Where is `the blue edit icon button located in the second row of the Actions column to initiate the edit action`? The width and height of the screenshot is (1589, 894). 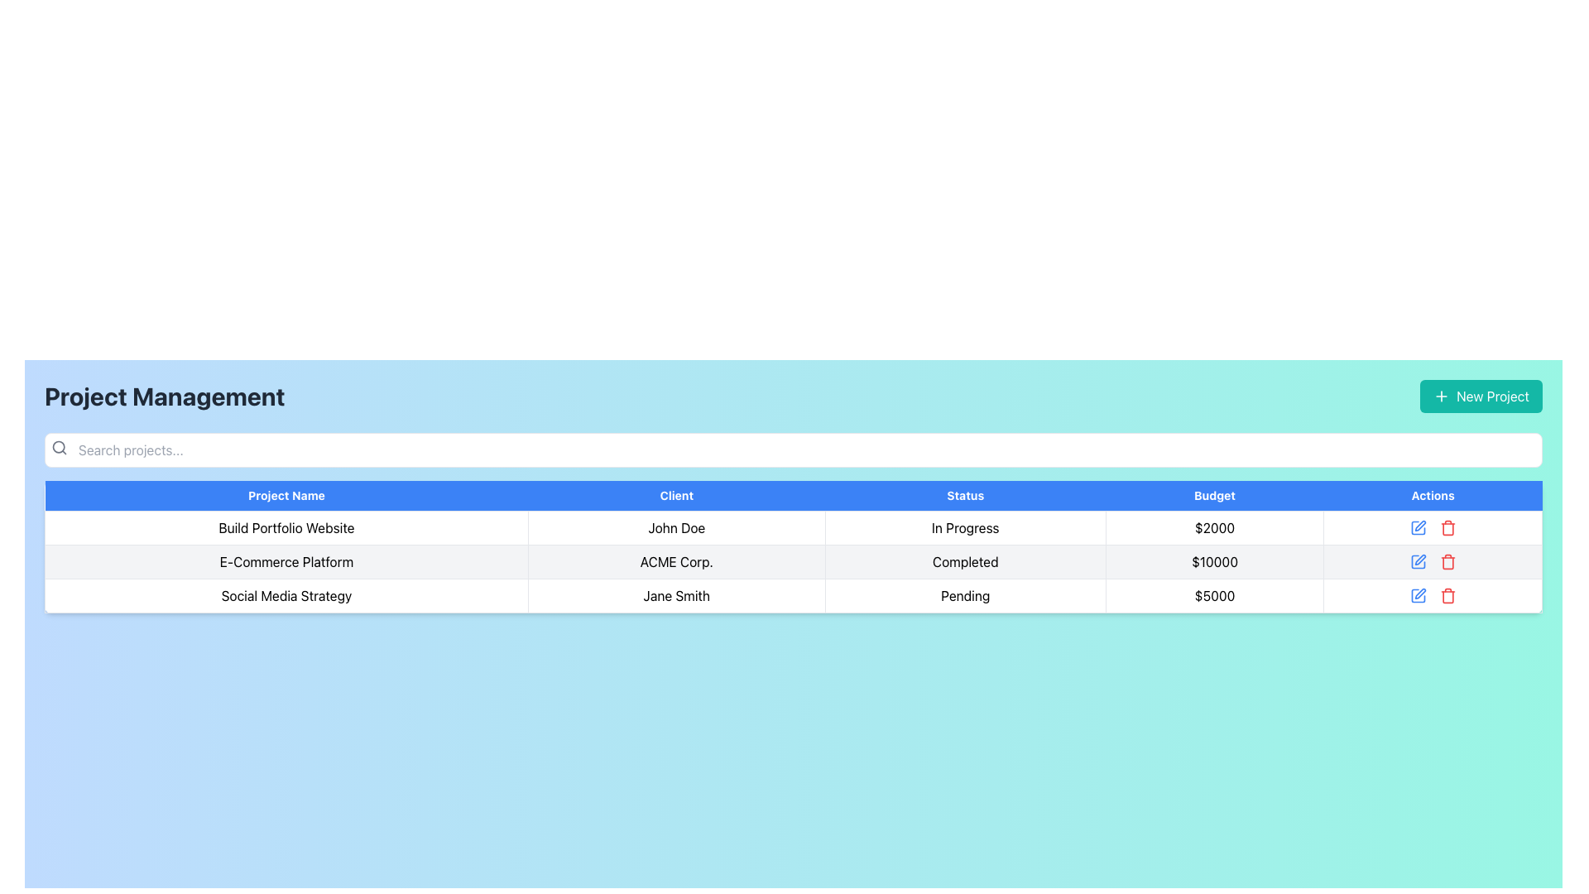 the blue edit icon button located in the second row of the Actions column to initiate the edit action is located at coordinates (1417, 560).